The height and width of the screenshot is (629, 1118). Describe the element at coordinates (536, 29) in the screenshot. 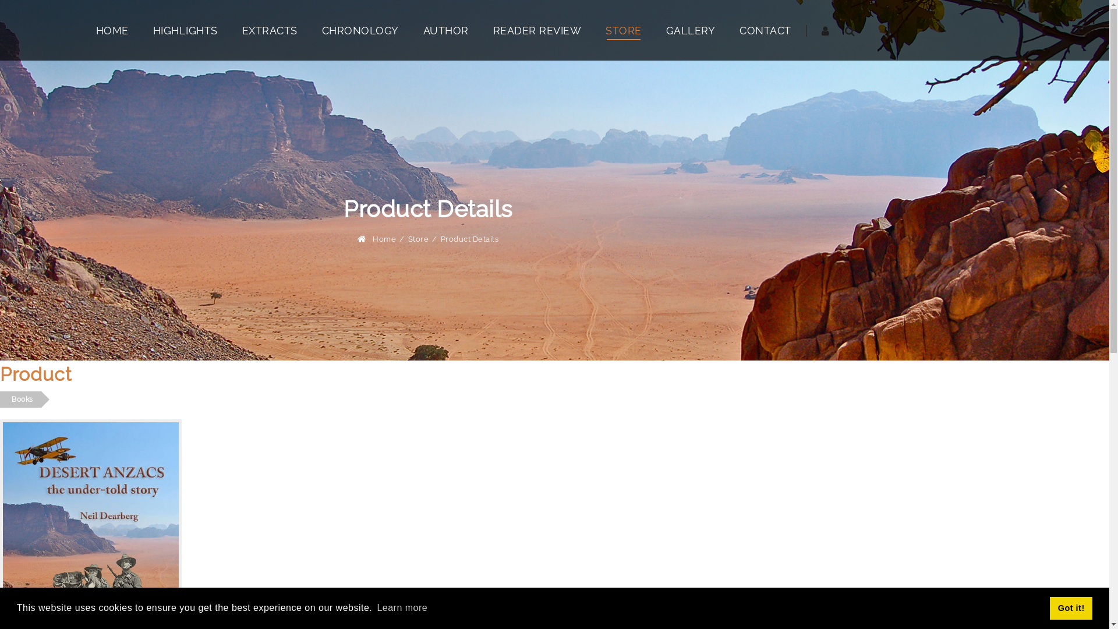

I see `'READER REVIEW'` at that location.